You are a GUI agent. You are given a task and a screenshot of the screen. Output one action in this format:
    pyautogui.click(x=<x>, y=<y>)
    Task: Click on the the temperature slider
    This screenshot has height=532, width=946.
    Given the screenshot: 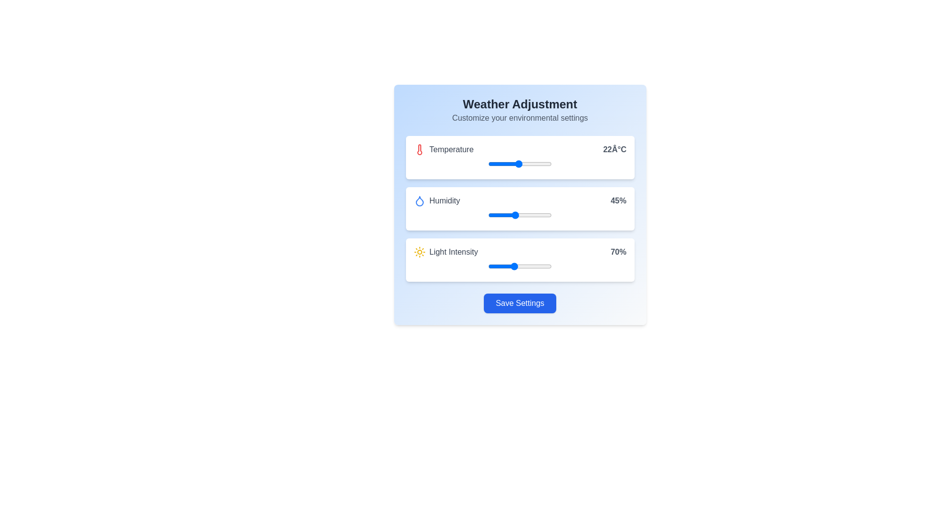 What is the action you would take?
    pyautogui.click(x=513, y=163)
    